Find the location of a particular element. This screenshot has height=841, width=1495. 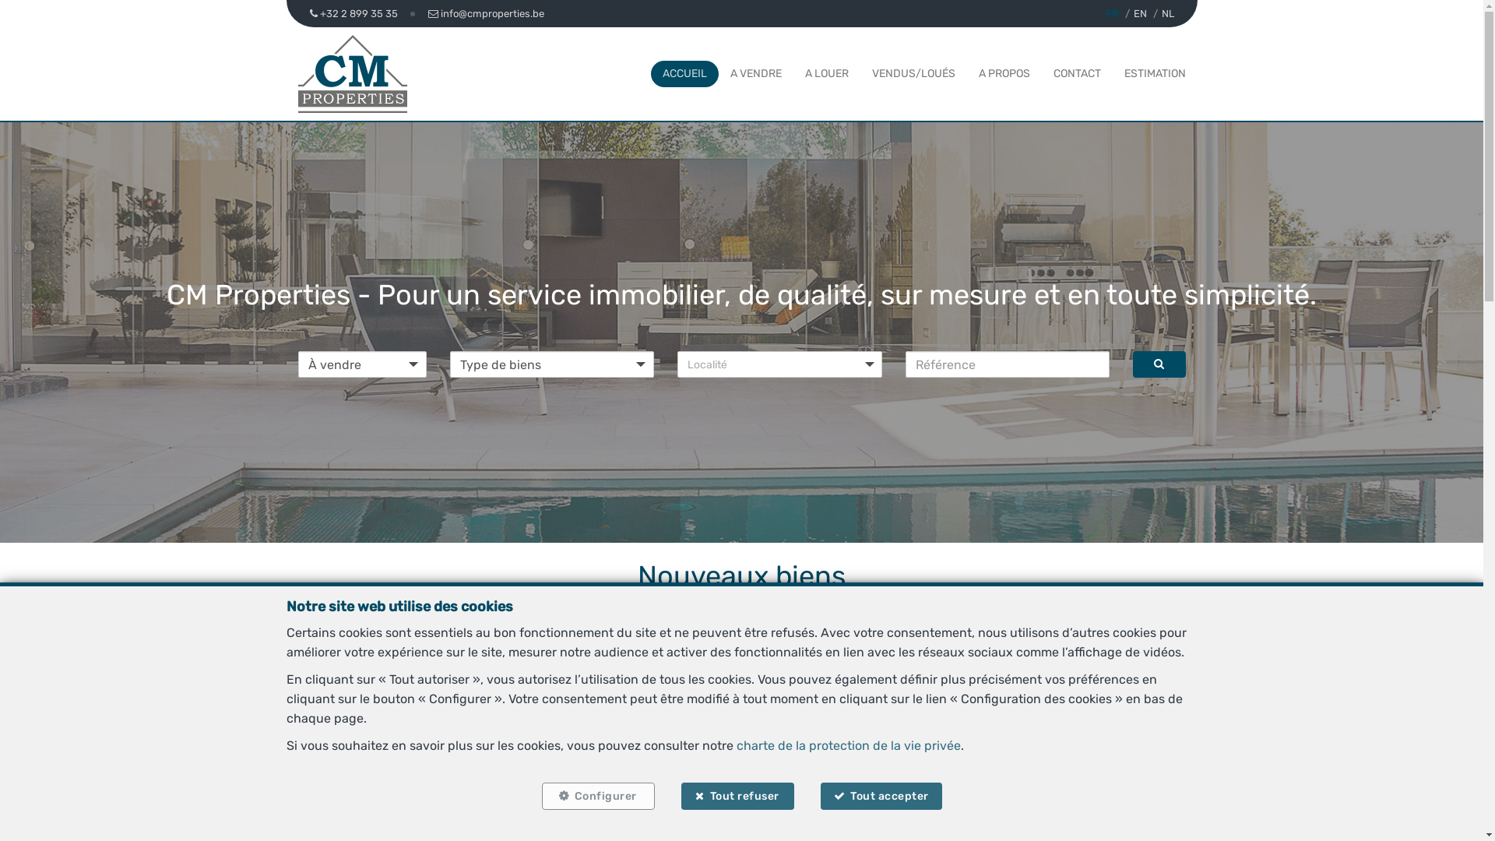

'ESTIMATION' is located at coordinates (1155, 73).